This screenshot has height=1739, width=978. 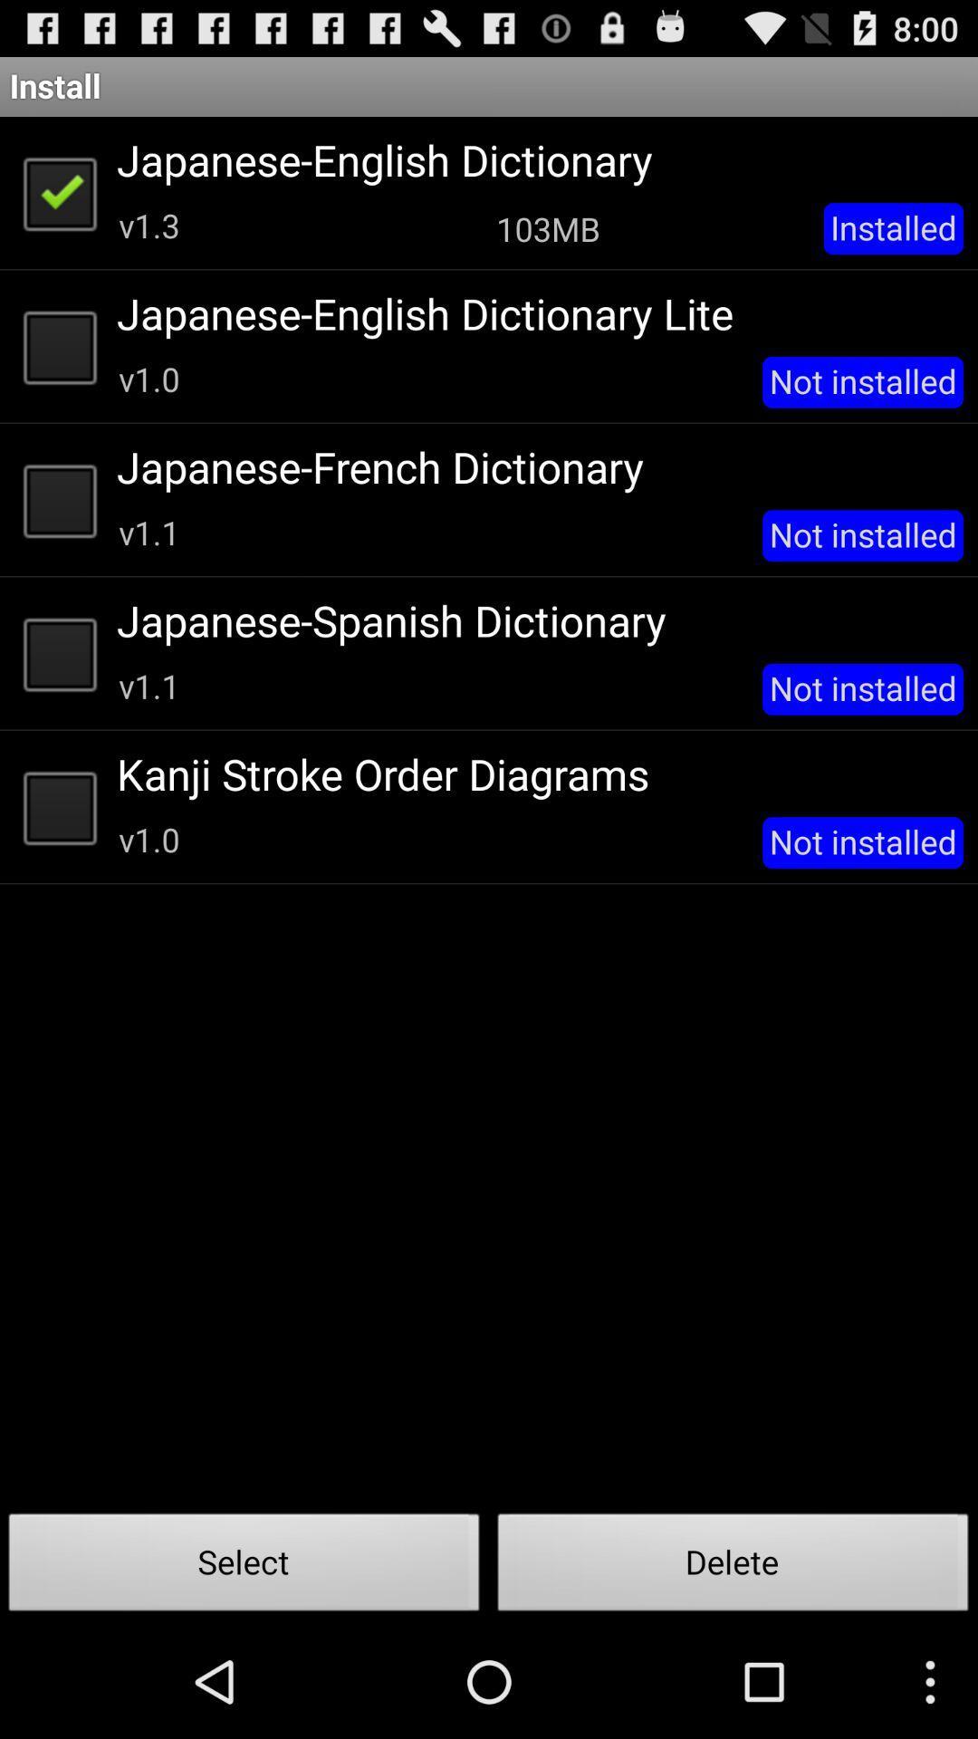 I want to click on select icon, so click(x=244, y=1567).